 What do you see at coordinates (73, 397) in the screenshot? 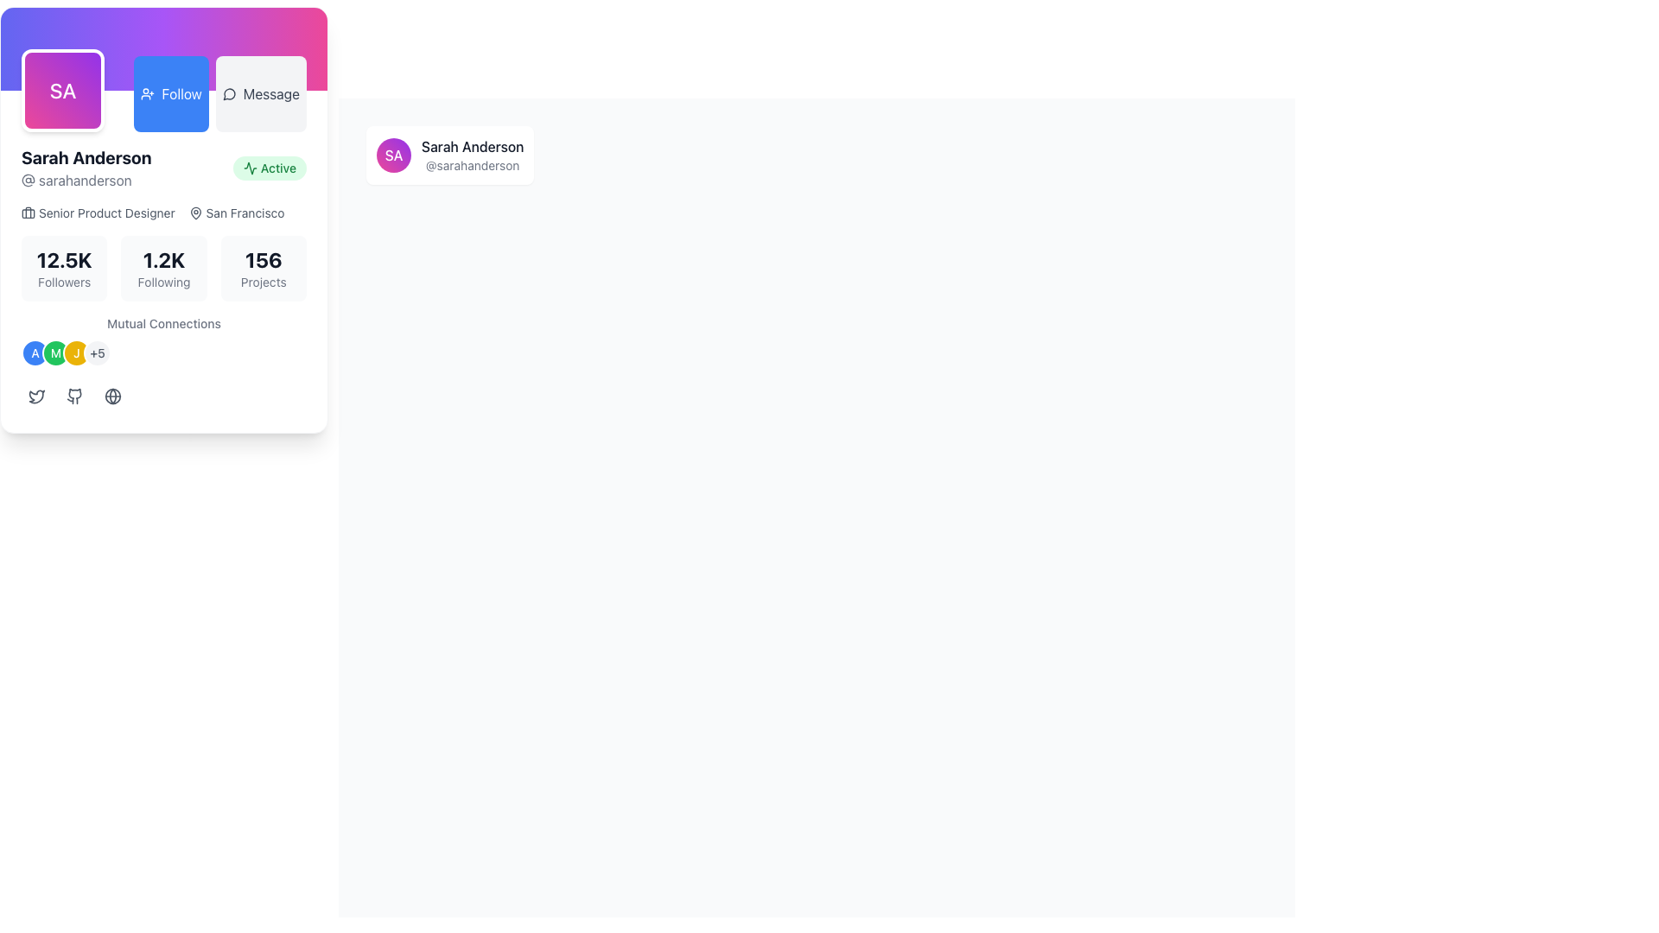
I see `the central SVG icon in the bottom left of the main profile card` at bounding box center [73, 397].